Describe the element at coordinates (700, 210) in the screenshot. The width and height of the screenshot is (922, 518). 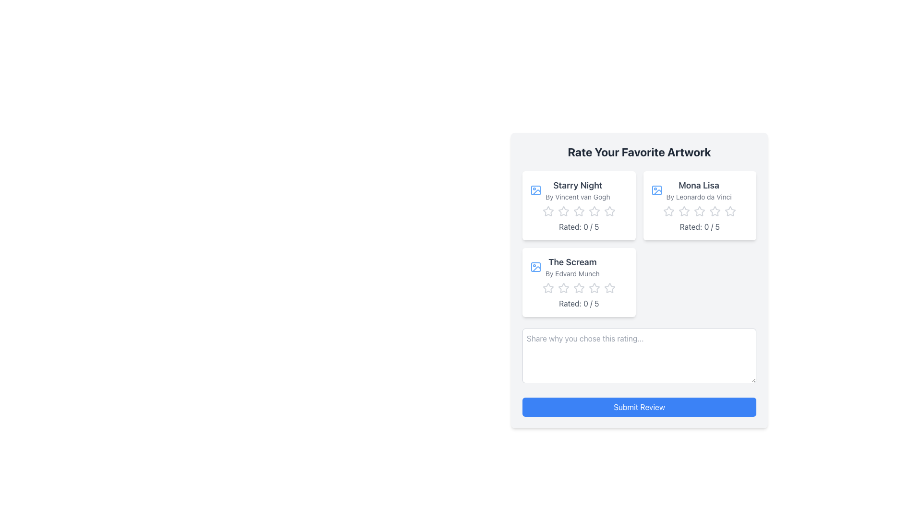
I see `the second star icon in the five-star rating system for the artwork 'Mona Lisa'` at that location.